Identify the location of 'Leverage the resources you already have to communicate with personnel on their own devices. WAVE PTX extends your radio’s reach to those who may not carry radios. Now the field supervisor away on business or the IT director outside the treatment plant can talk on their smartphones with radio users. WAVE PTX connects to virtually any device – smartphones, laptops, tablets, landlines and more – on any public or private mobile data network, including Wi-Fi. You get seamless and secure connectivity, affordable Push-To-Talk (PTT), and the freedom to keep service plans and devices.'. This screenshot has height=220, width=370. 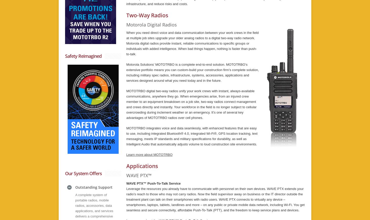
(215, 199).